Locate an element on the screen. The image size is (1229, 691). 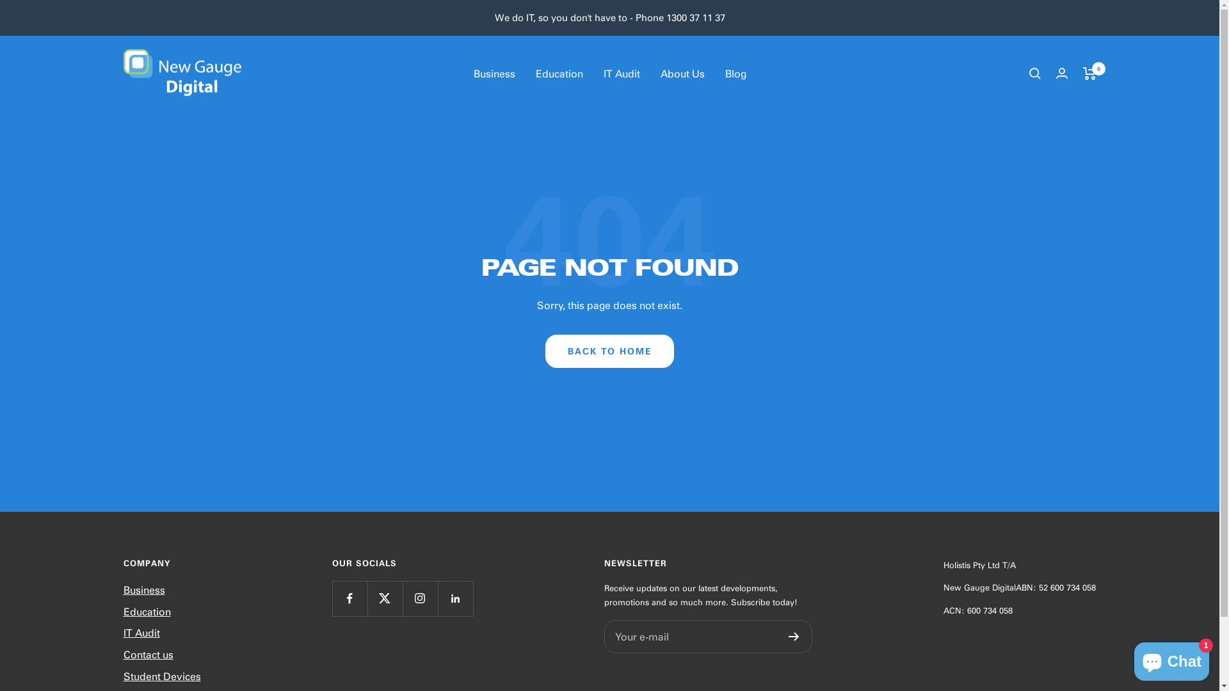
'Education' is located at coordinates (559, 74).